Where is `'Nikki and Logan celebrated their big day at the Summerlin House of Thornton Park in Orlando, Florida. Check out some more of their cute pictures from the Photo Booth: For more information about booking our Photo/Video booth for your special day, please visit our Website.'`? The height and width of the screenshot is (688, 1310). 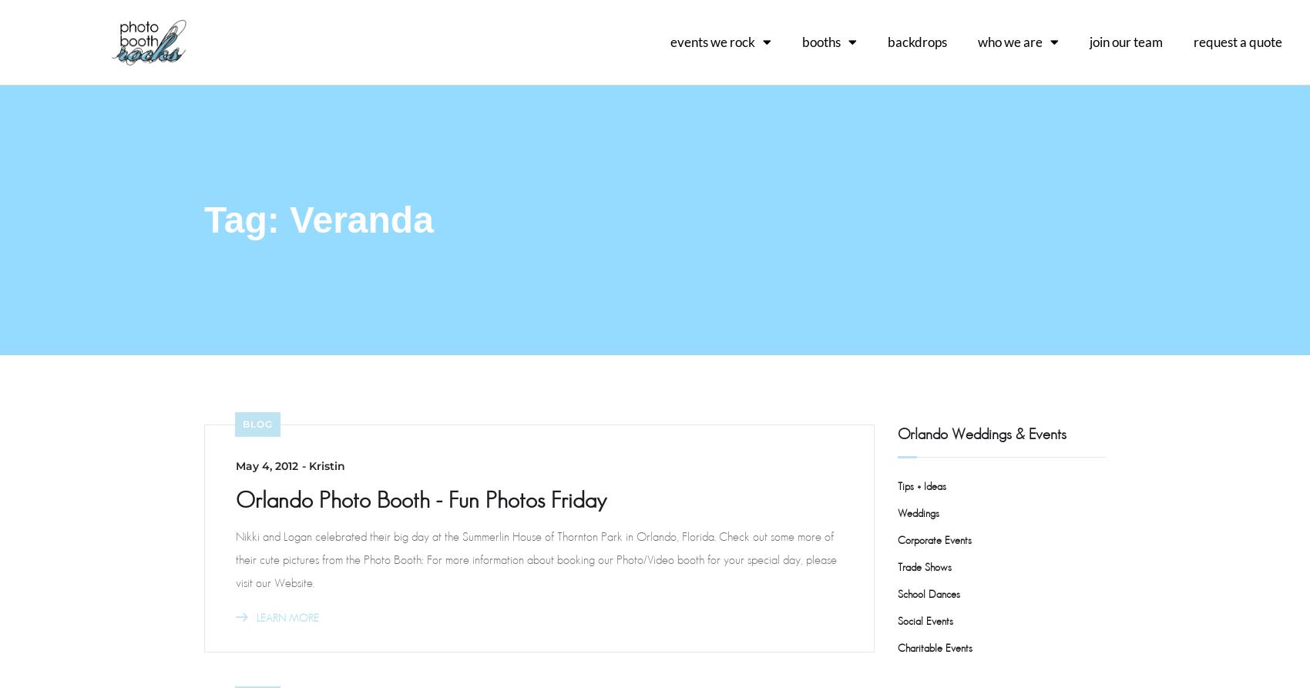
'Nikki and Logan celebrated their big day at the Summerlin House of Thornton Park in Orlando, Florida. Check out some more of their cute pictures from the Photo Booth: For more information about booking our Photo/Video booth for your special day, please visit our Website.' is located at coordinates (236, 559).